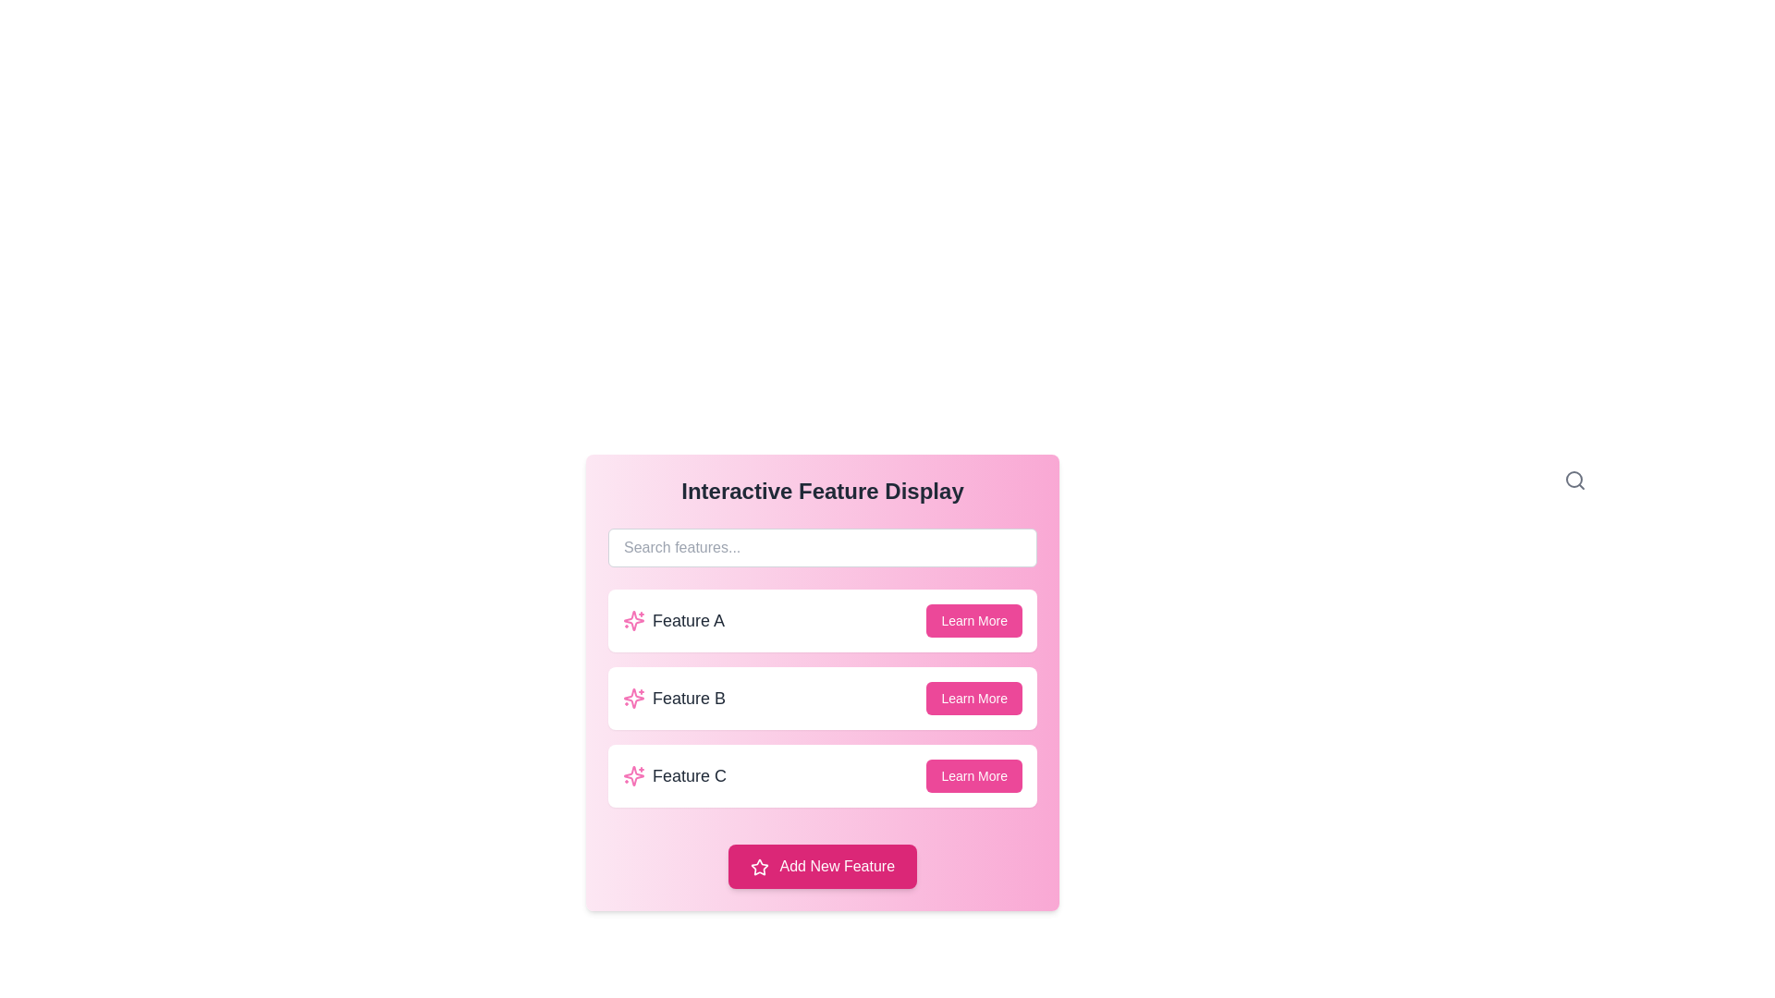  What do you see at coordinates (673, 699) in the screenshot?
I see `the Text Label that identifies 'Feature B', which is centrally aligned between a pink sparkle icon and a 'Learn More' button in the second row of the feature list` at bounding box center [673, 699].